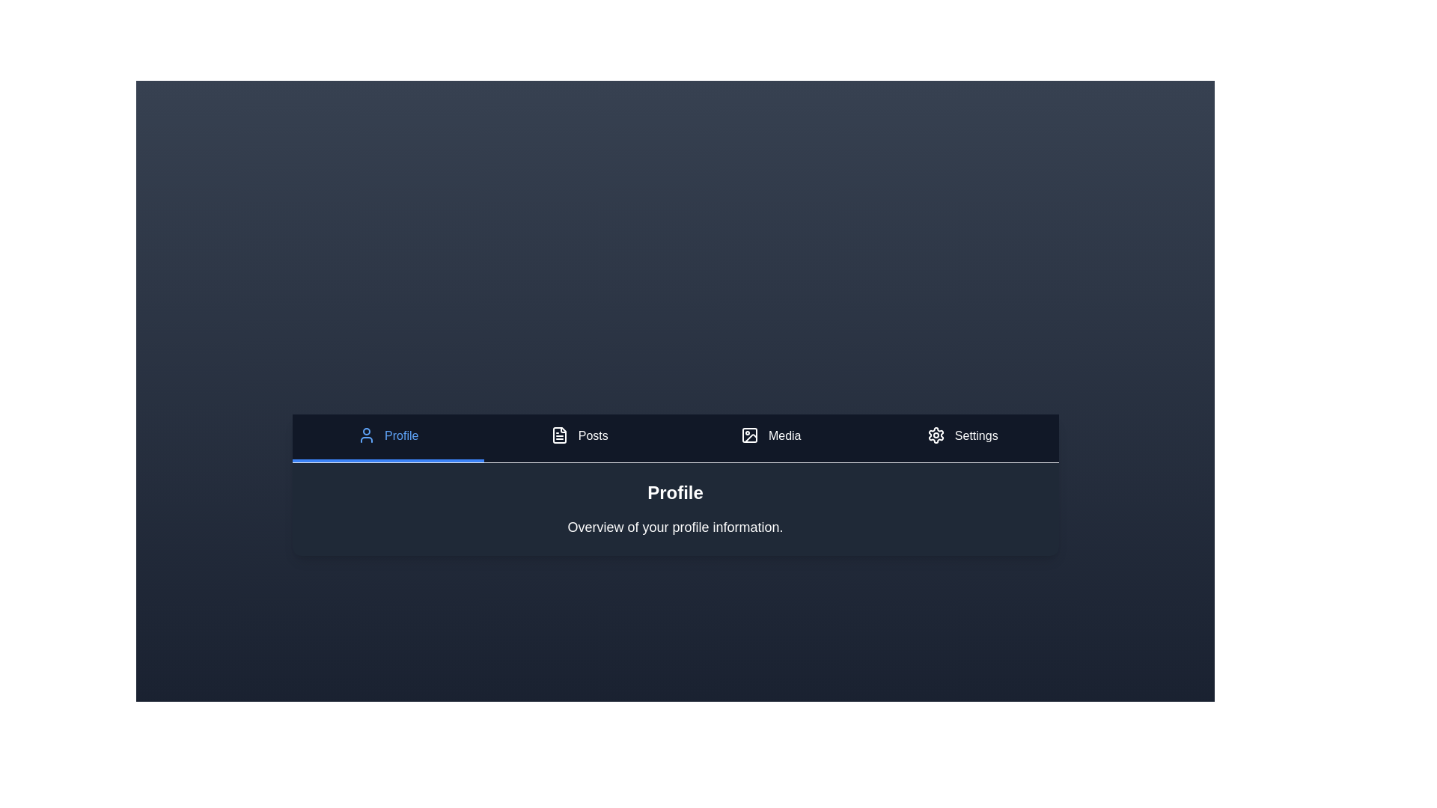 This screenshot has height=808, width=1437. Describe the element at coordinates (962, 438) in the screenshot. I see `the tab corresponding to Settings to display its content` at that location.